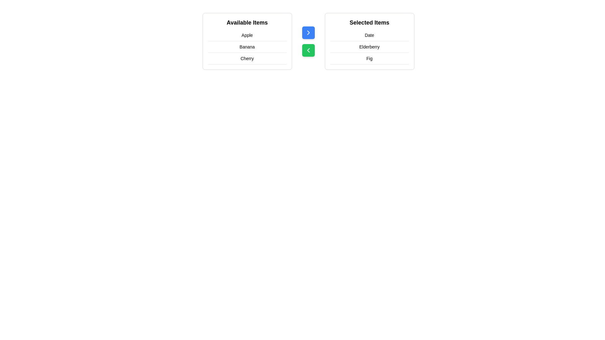 Image resolution: width=605 pixels, height=340 pixels. I want to click on the green rectangular button with rounded corners that has a leftward-pointing white arrow, located centrally between the 'Available Items' and 'Selected Items' lists, so click(308, 50).